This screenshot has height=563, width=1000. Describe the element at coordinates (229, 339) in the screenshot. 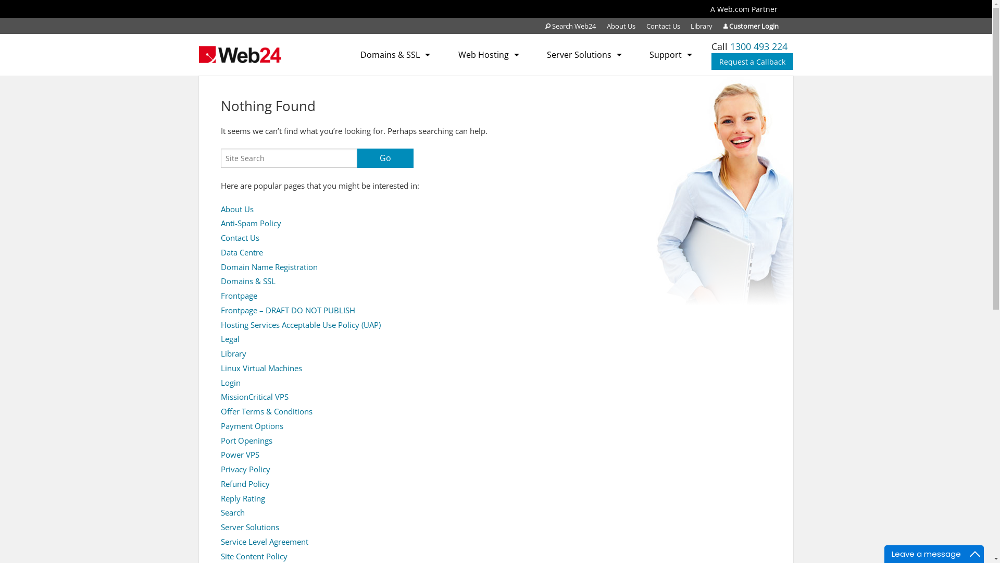

I see `'Legal'` at that location.